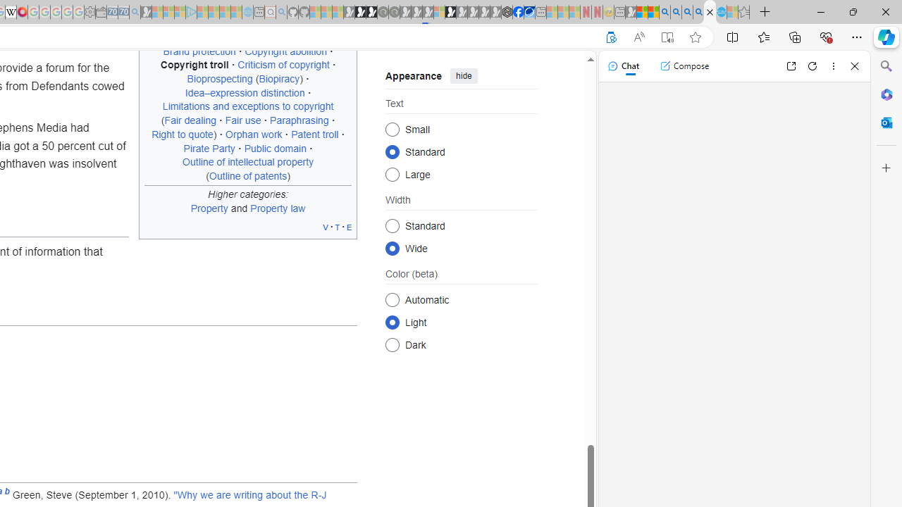 Image resolution: width=902 pixels, height=507 pixels. What do you see at coordinates (820, 11) in the screenshot?
I see `'Minimize'` at bounding box center [820, 11].